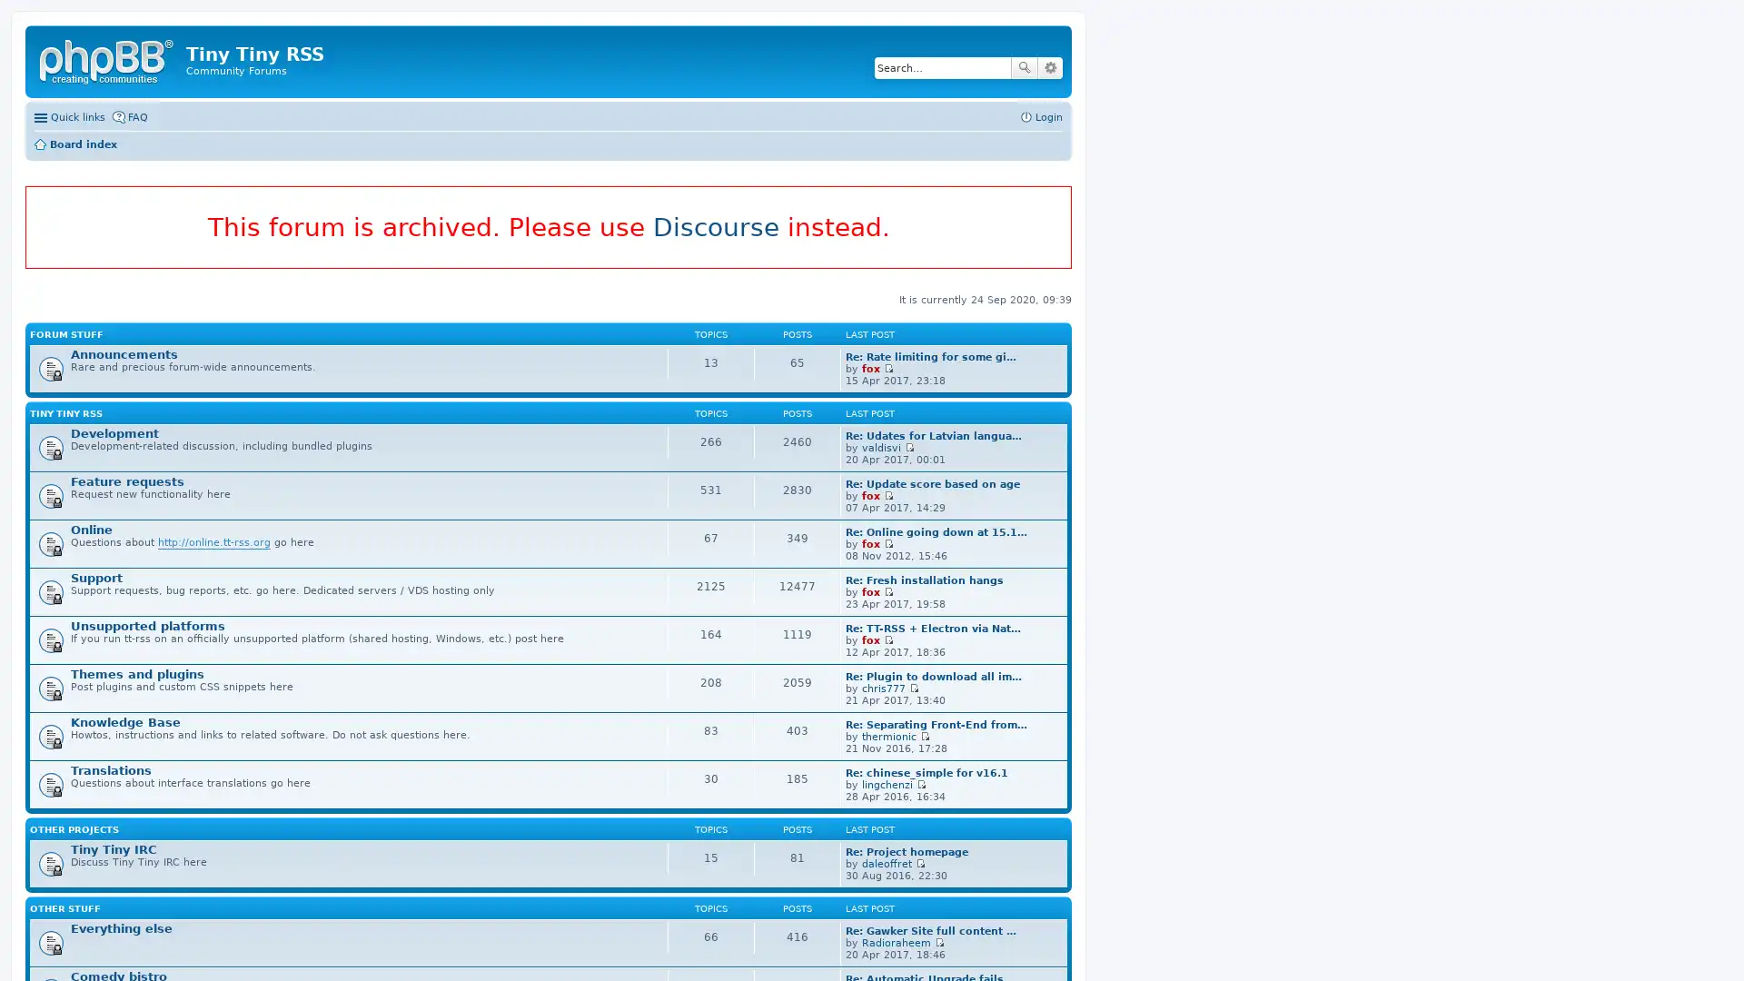 The image size is (1744, 981). What do you see at coordinates (1025, 66) in the screenshot?
I see `Search` at bounding box center [1025, 66].